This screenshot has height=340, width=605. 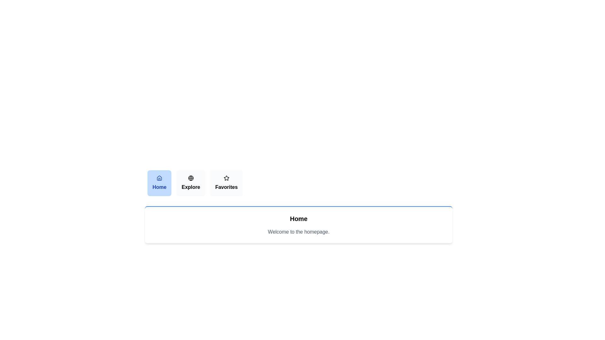 I want to click on the Favorites tab by clicking on its button, so click(x=227, y=183).